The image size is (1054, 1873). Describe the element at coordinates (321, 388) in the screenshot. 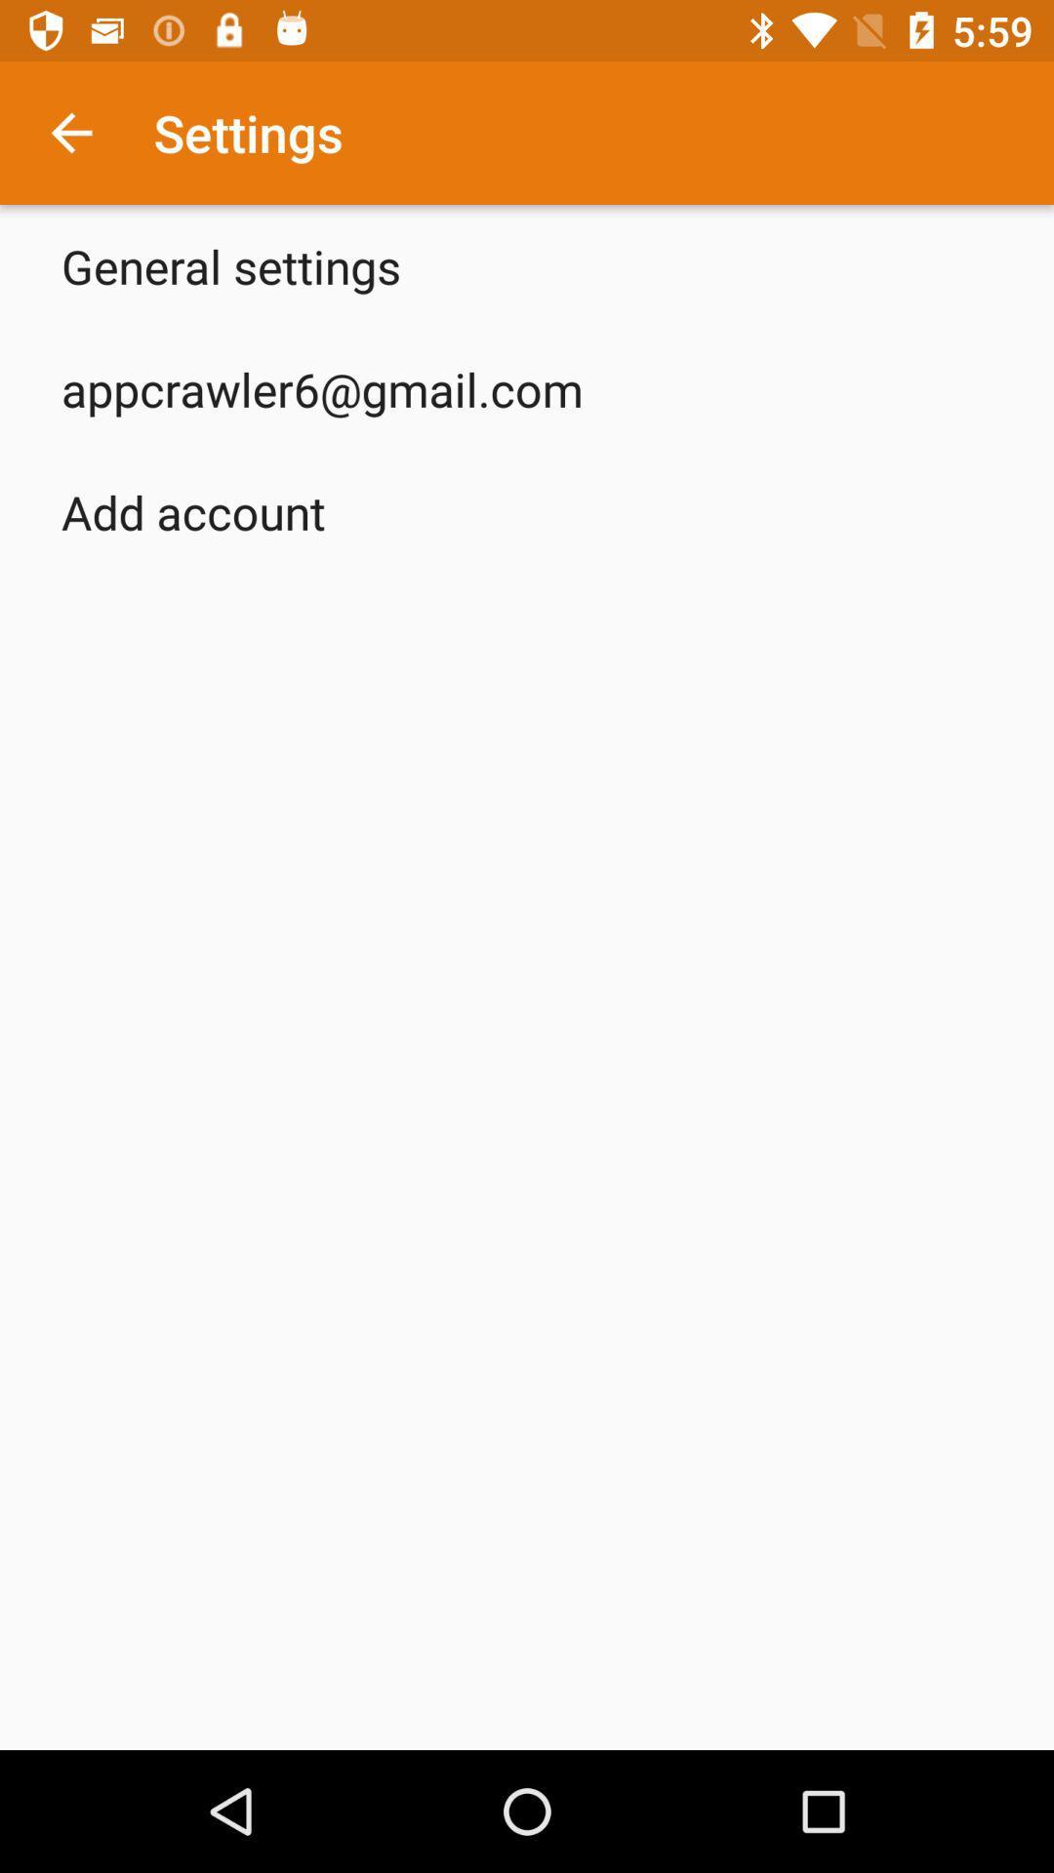

I see `appcrawler6@gmail.com app` at that location.